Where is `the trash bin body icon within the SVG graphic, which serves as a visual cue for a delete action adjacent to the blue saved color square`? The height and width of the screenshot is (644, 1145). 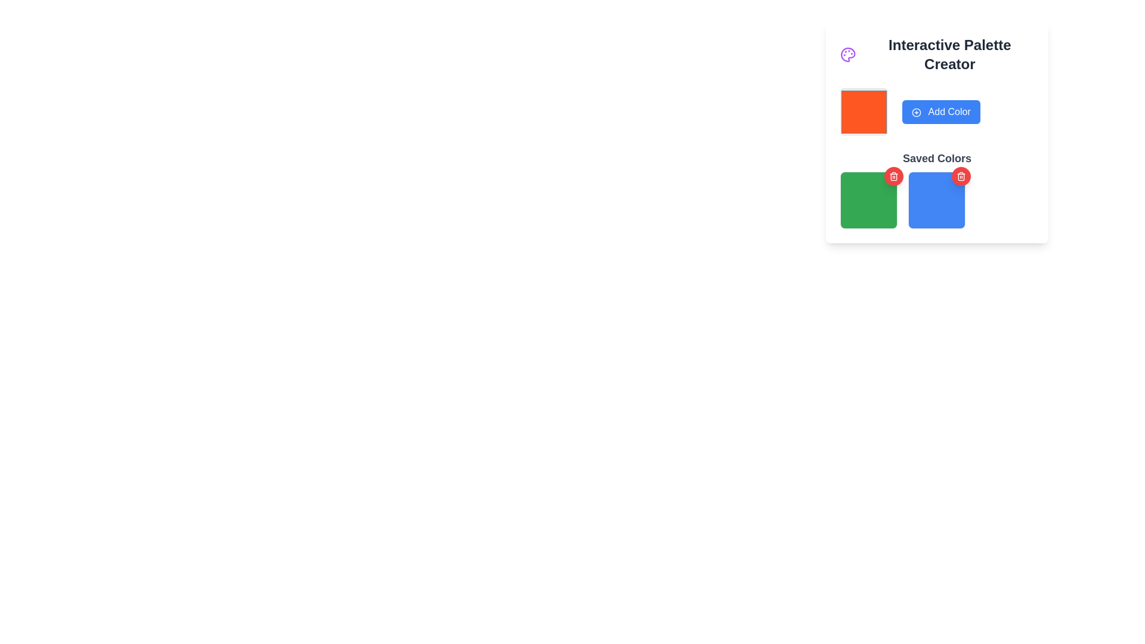 the trash bin body icon within the SVG graphic, which serves as a visual cue for a delete action adjacent to the blue saved color square is located at coordinates (893, 177).